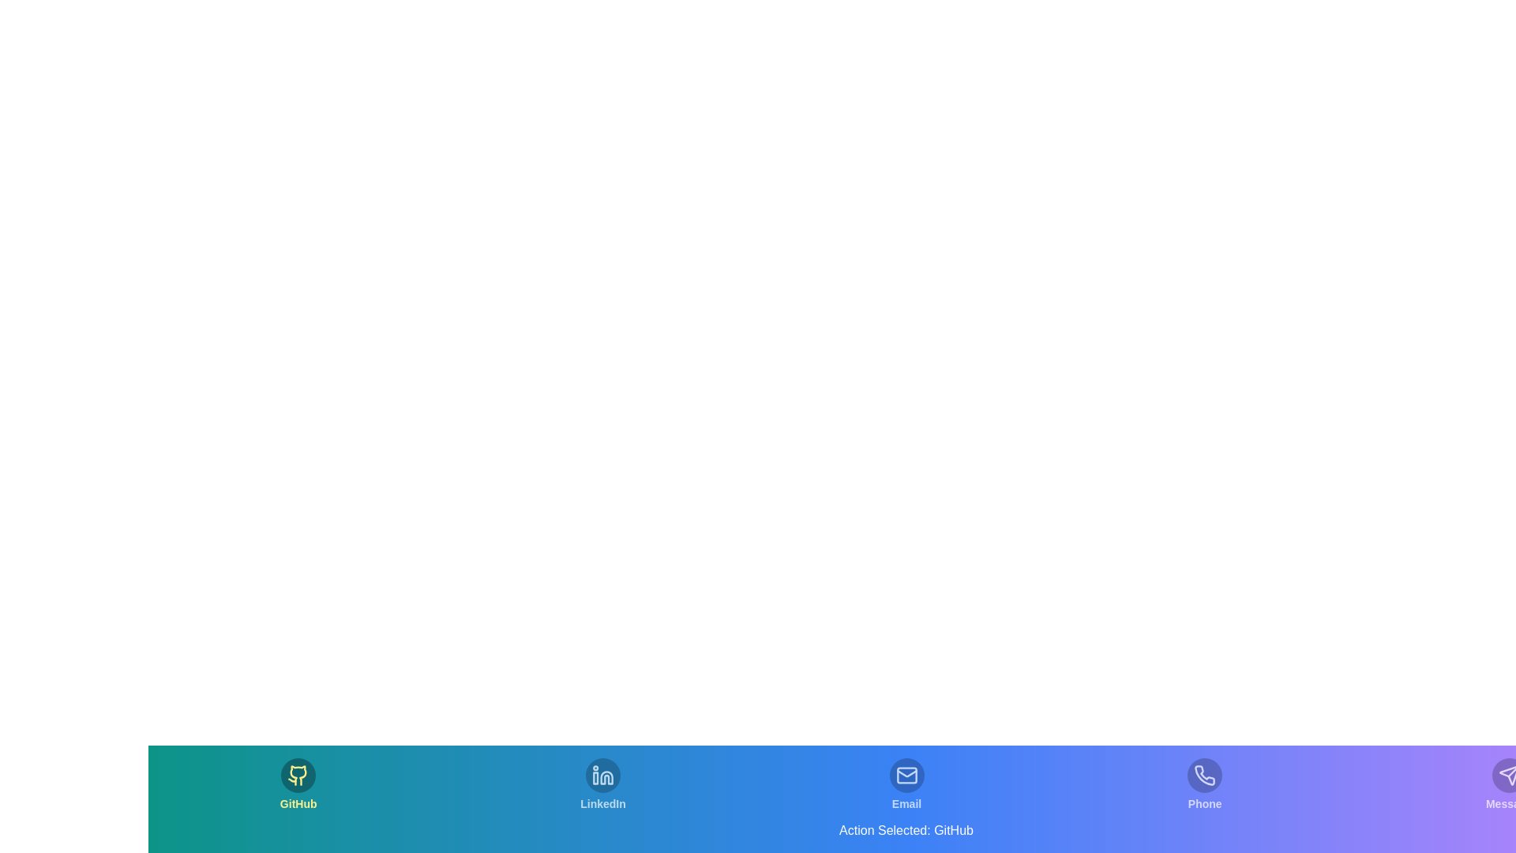 This screenshot has height=853, width=1516. I want to click on the icon labeled Phone to observe its hover effect, so click(1204, 785).